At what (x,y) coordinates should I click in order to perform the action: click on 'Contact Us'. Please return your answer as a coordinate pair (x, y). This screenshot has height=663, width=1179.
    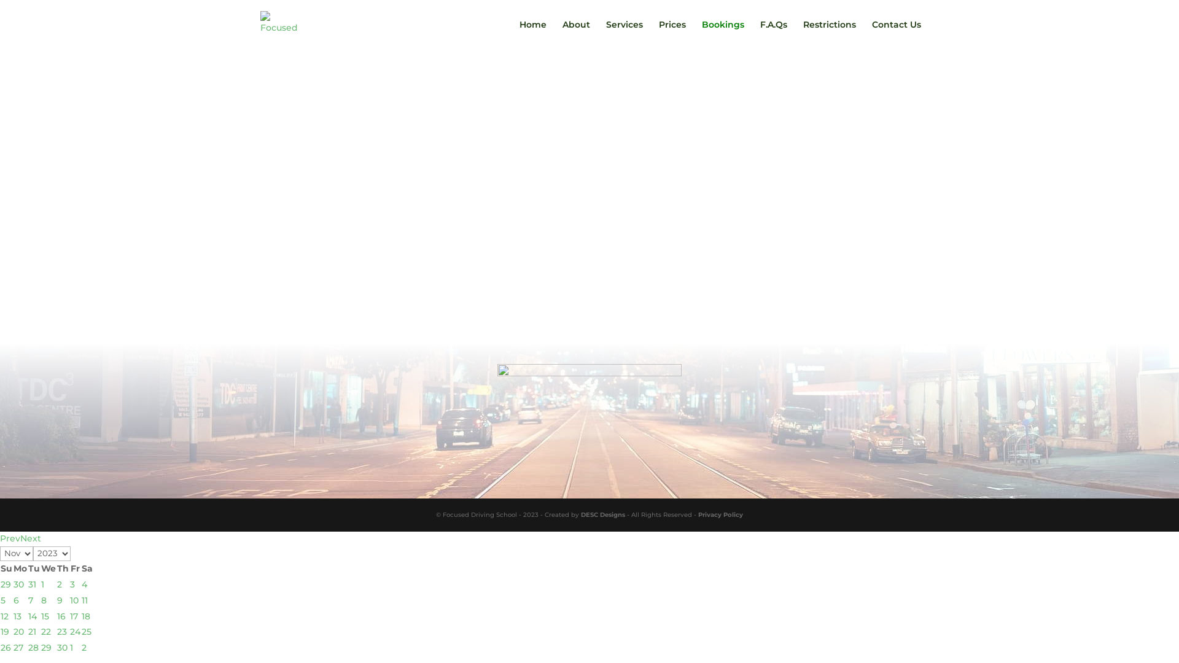
    Looking at the image, I should click on (871, 34).